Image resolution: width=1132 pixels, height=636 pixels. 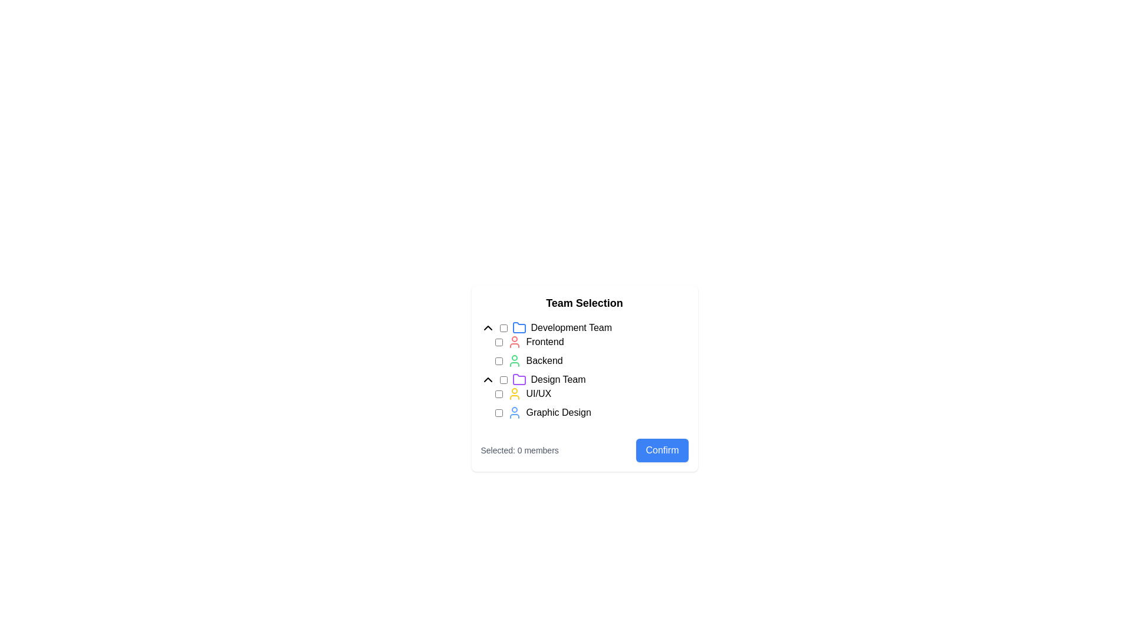 What do you see at coordinates (584, 379) in the screenshot?
I see `the Collapsible List Item labeled 'Design Team', which features a purple folder icon and is positioned between 'Development Team' and 'UI/UX'` at bounding box center [584, 379].